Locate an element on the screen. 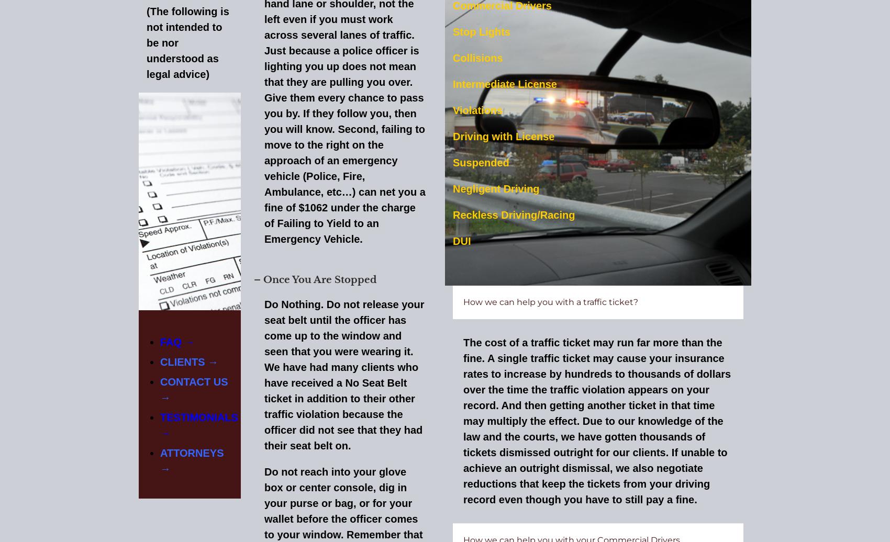 The image size is (890, 542). 'DUI' is located at coordinates (461, 240).